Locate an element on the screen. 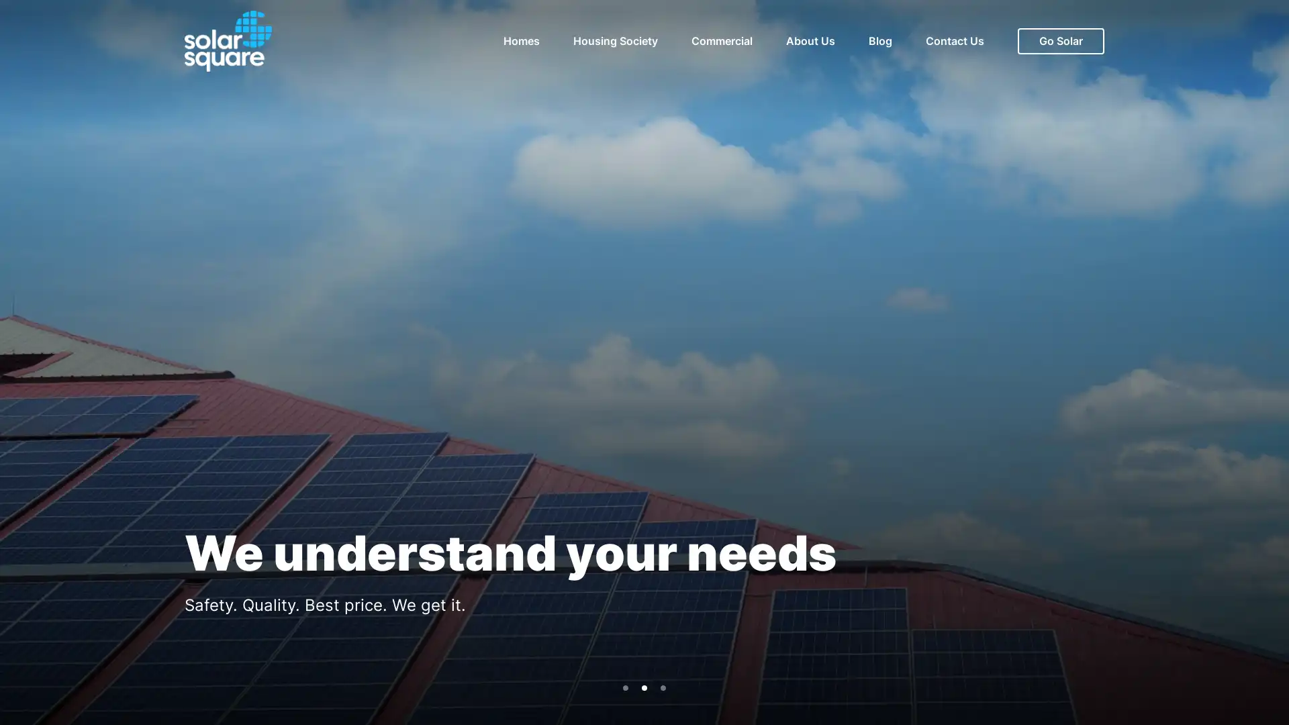 Image resolution: width=1289 pixels, height=725 pixels. Go to slide 2 is located at coordinates (644, 688).